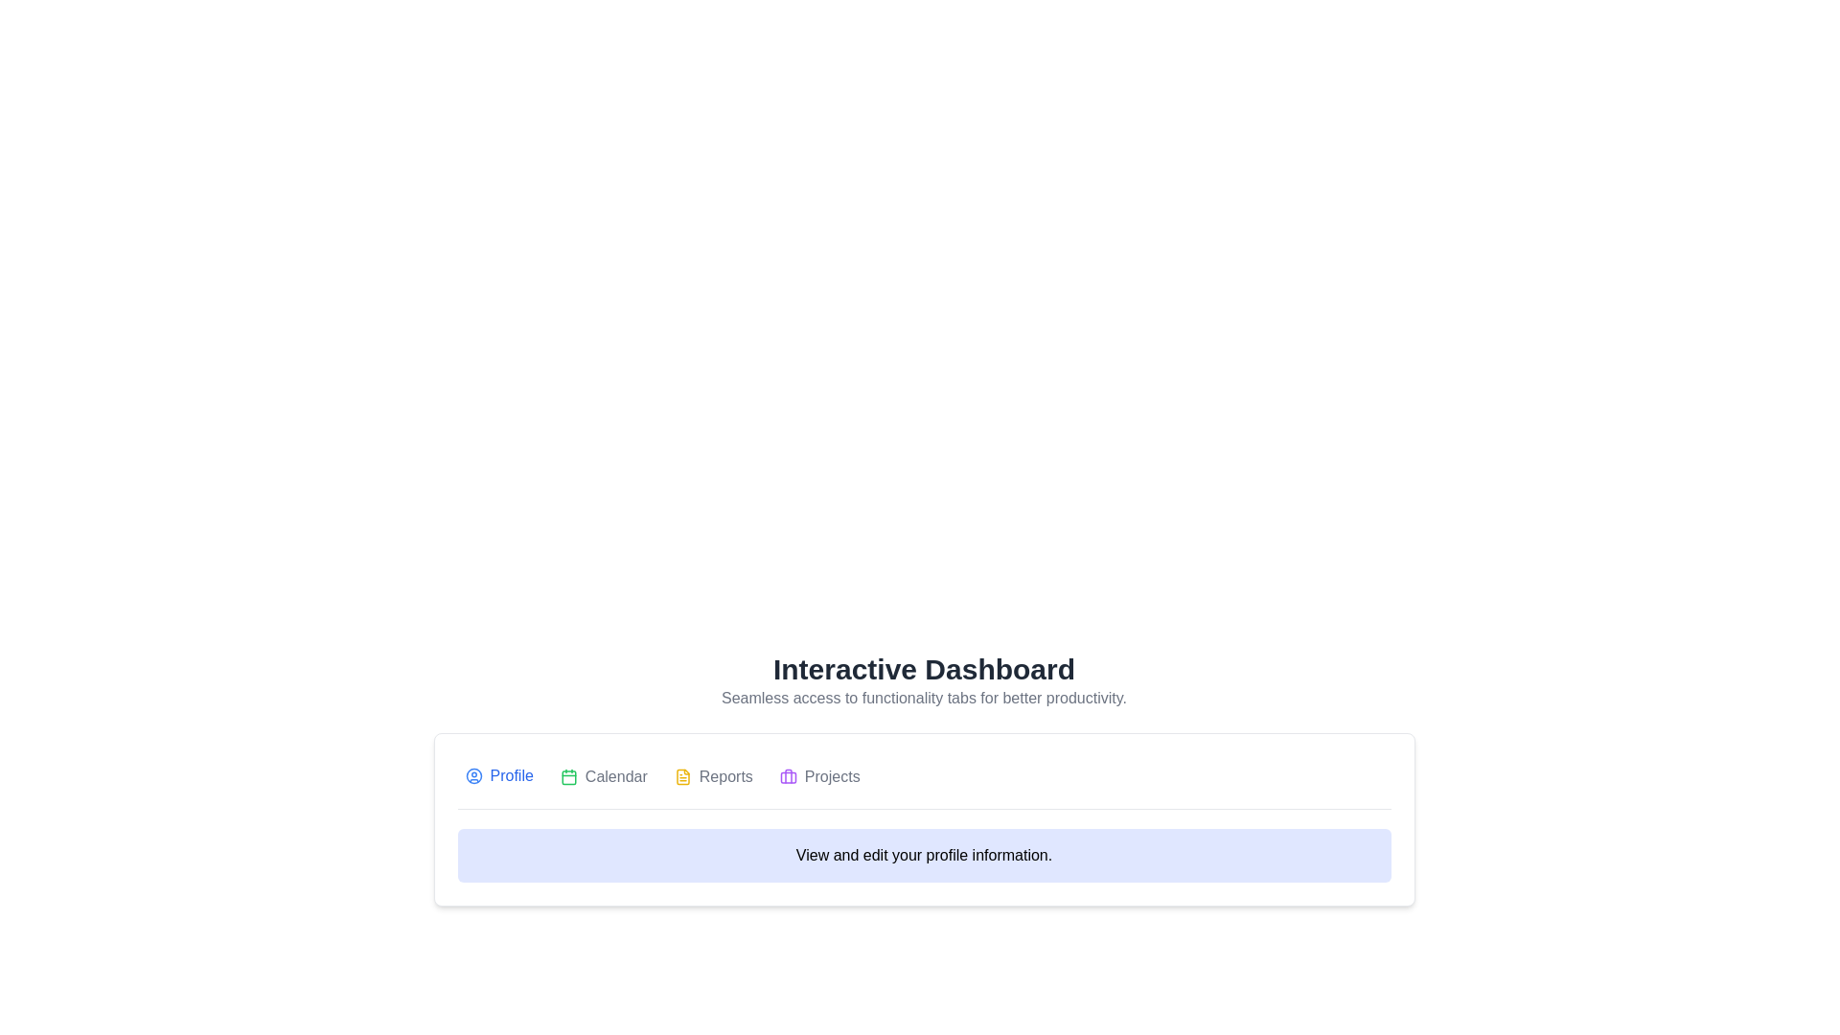 The width and height of the screenshot is (1840, 1035). I want to click on the blue-bordered informational label containing the text 'View and edit your profile information.', so click(924, 855).